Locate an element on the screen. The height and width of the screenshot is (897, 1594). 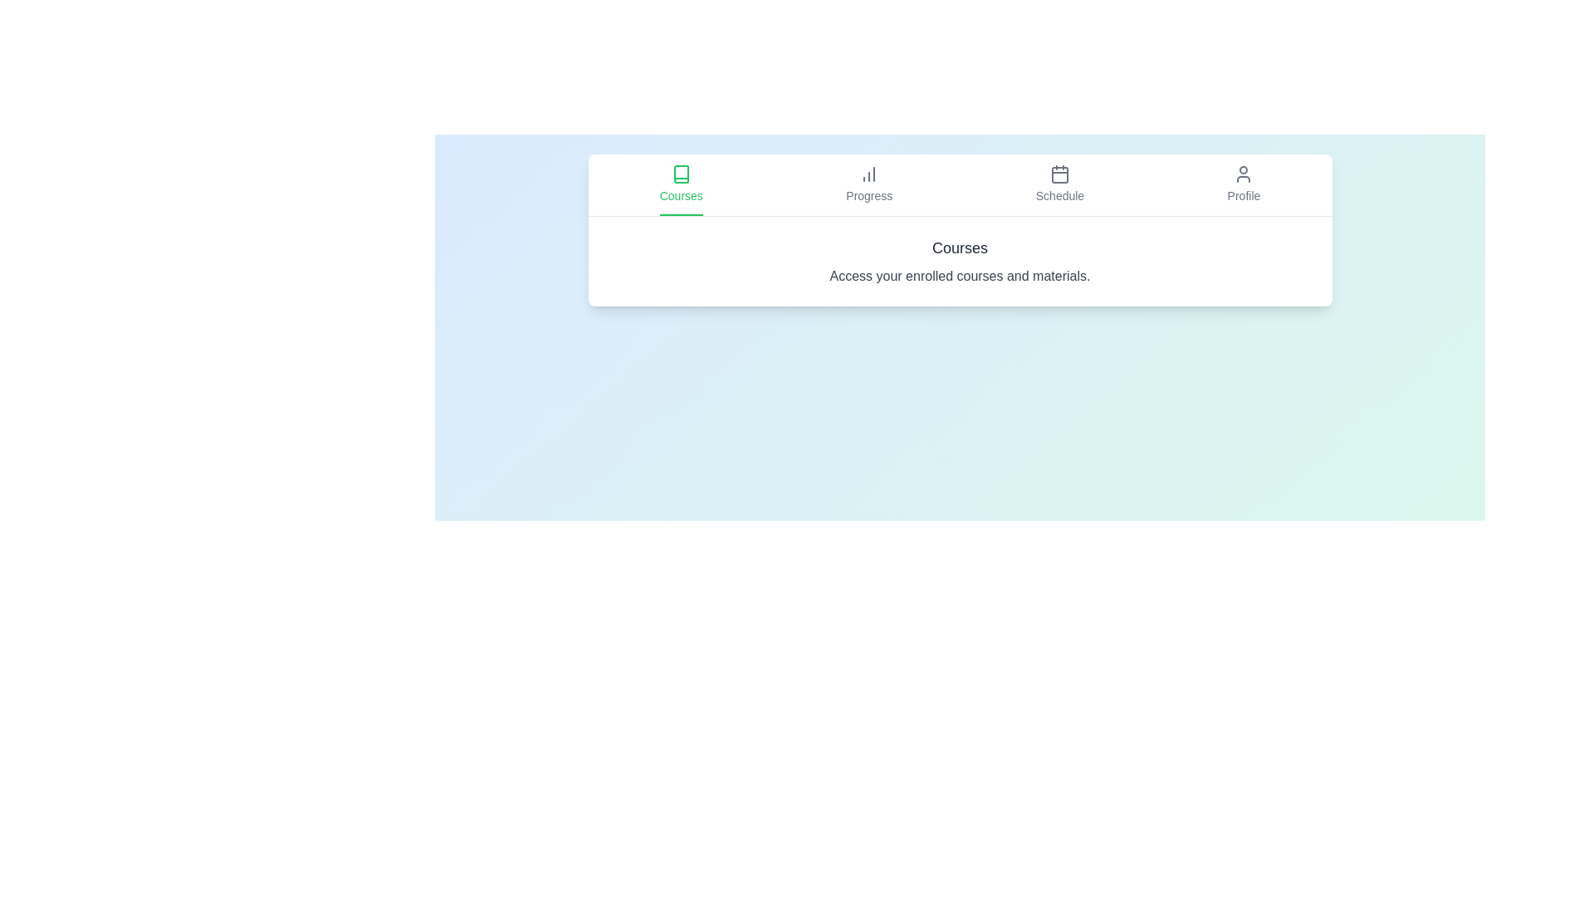
the tab labeled Profile is located at coordinates (1243, 185).